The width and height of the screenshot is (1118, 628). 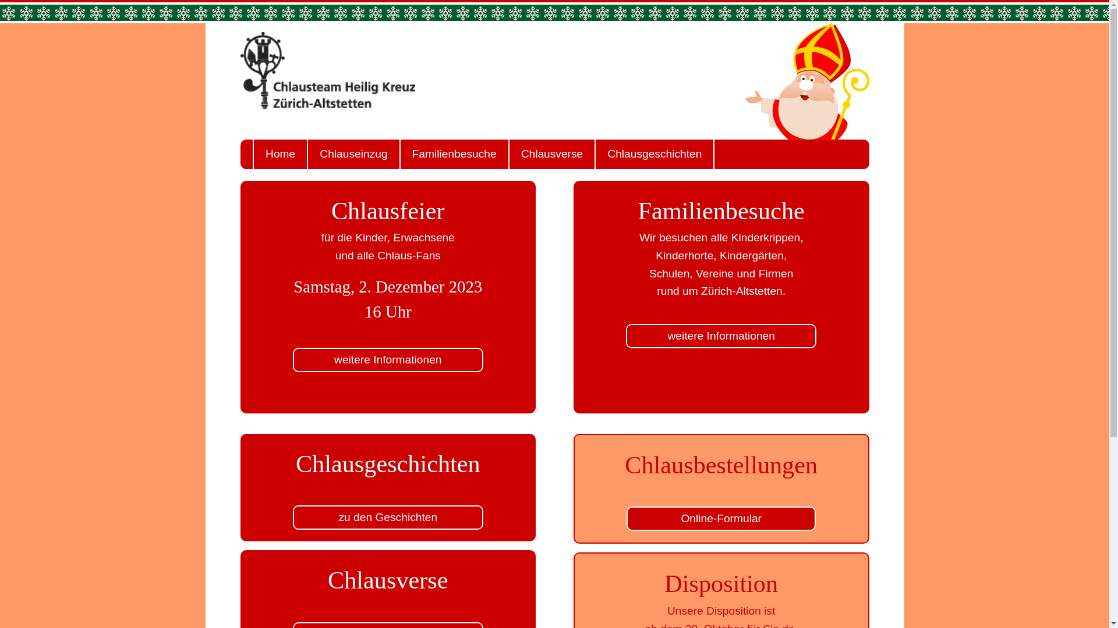 What do you see at coordinates (720, 336) in the screenshot?
I see `'weitere Informationen'` at bounding box center [720, 336].